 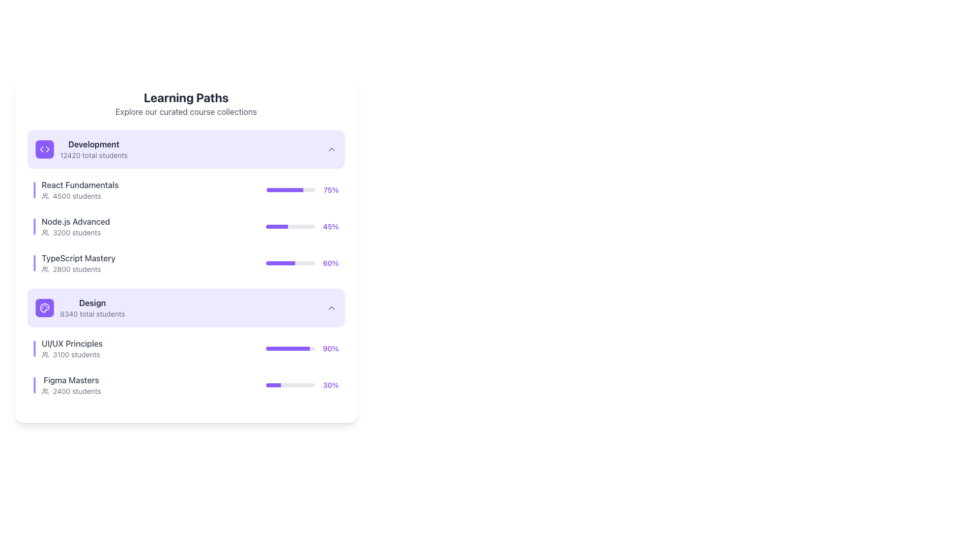 I want to click on progress, so click(x=276, y=226).